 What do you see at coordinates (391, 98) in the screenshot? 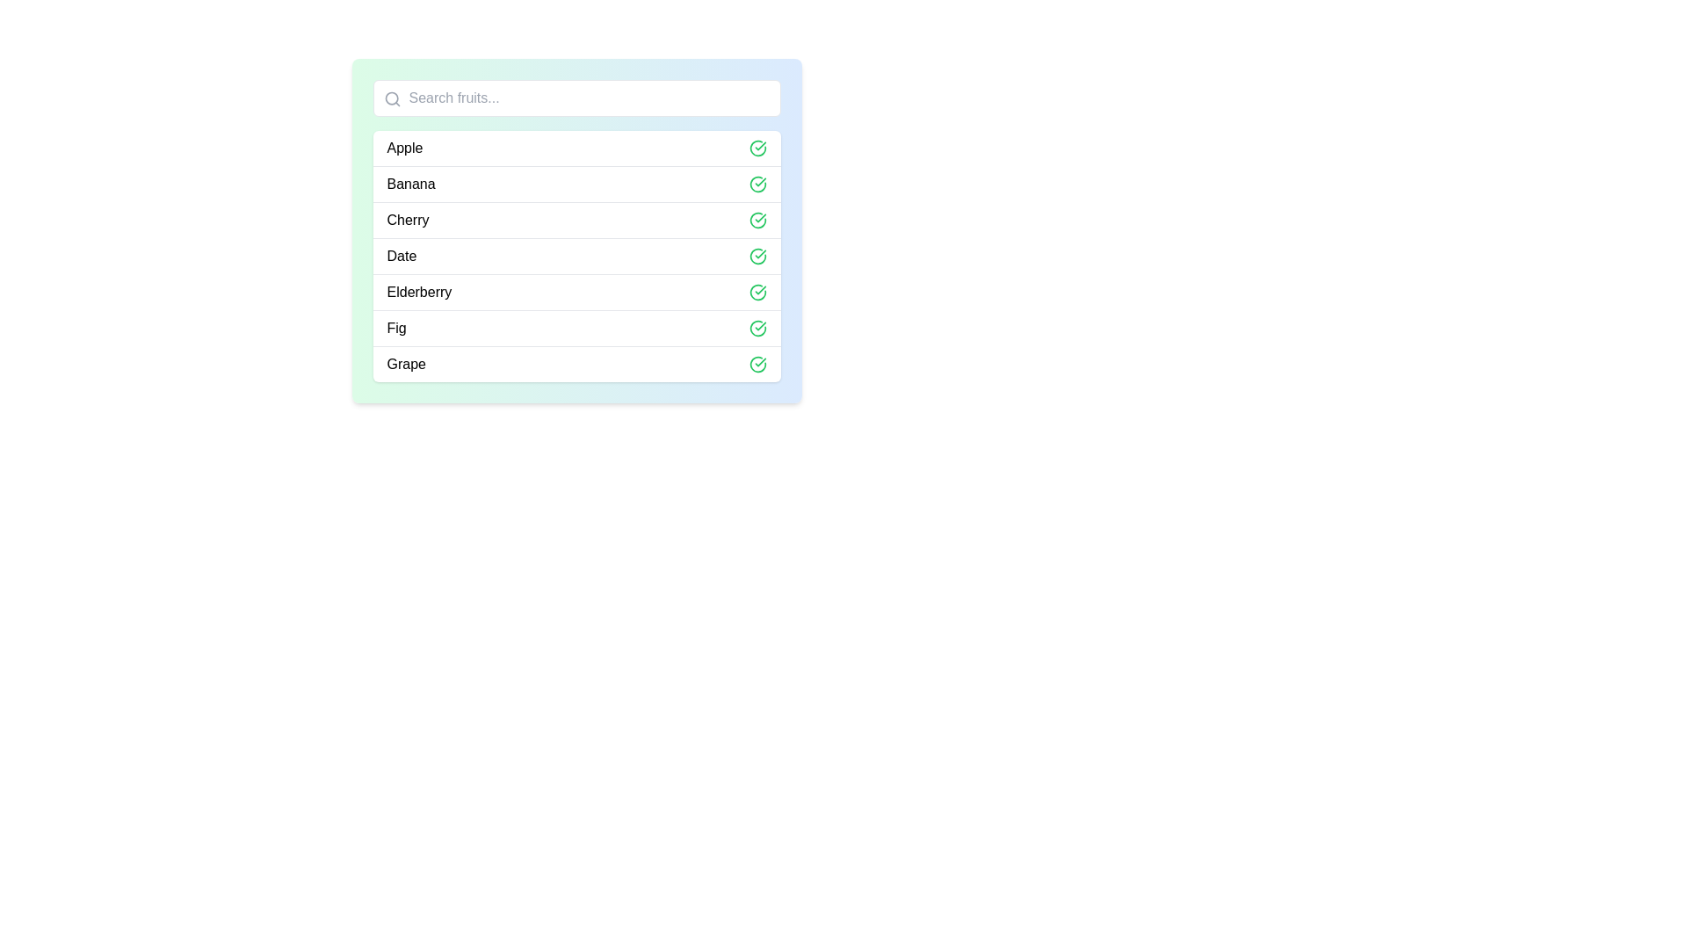
I see `the gray magnifying glass icon with a circular design and diagonal handle, located to the left of the search input box` at bounding box center [391, 98].